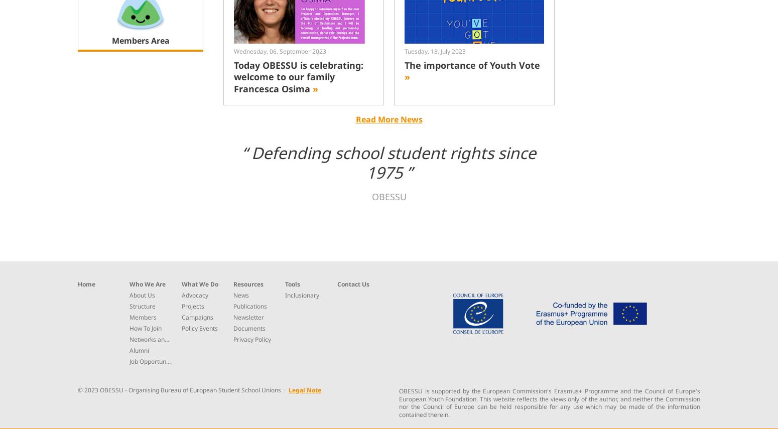 This screenshot has width=778, height=429. Describe the element at coordinates (247, 316) in the screenshot. I see `'Newsletter'` at that location.